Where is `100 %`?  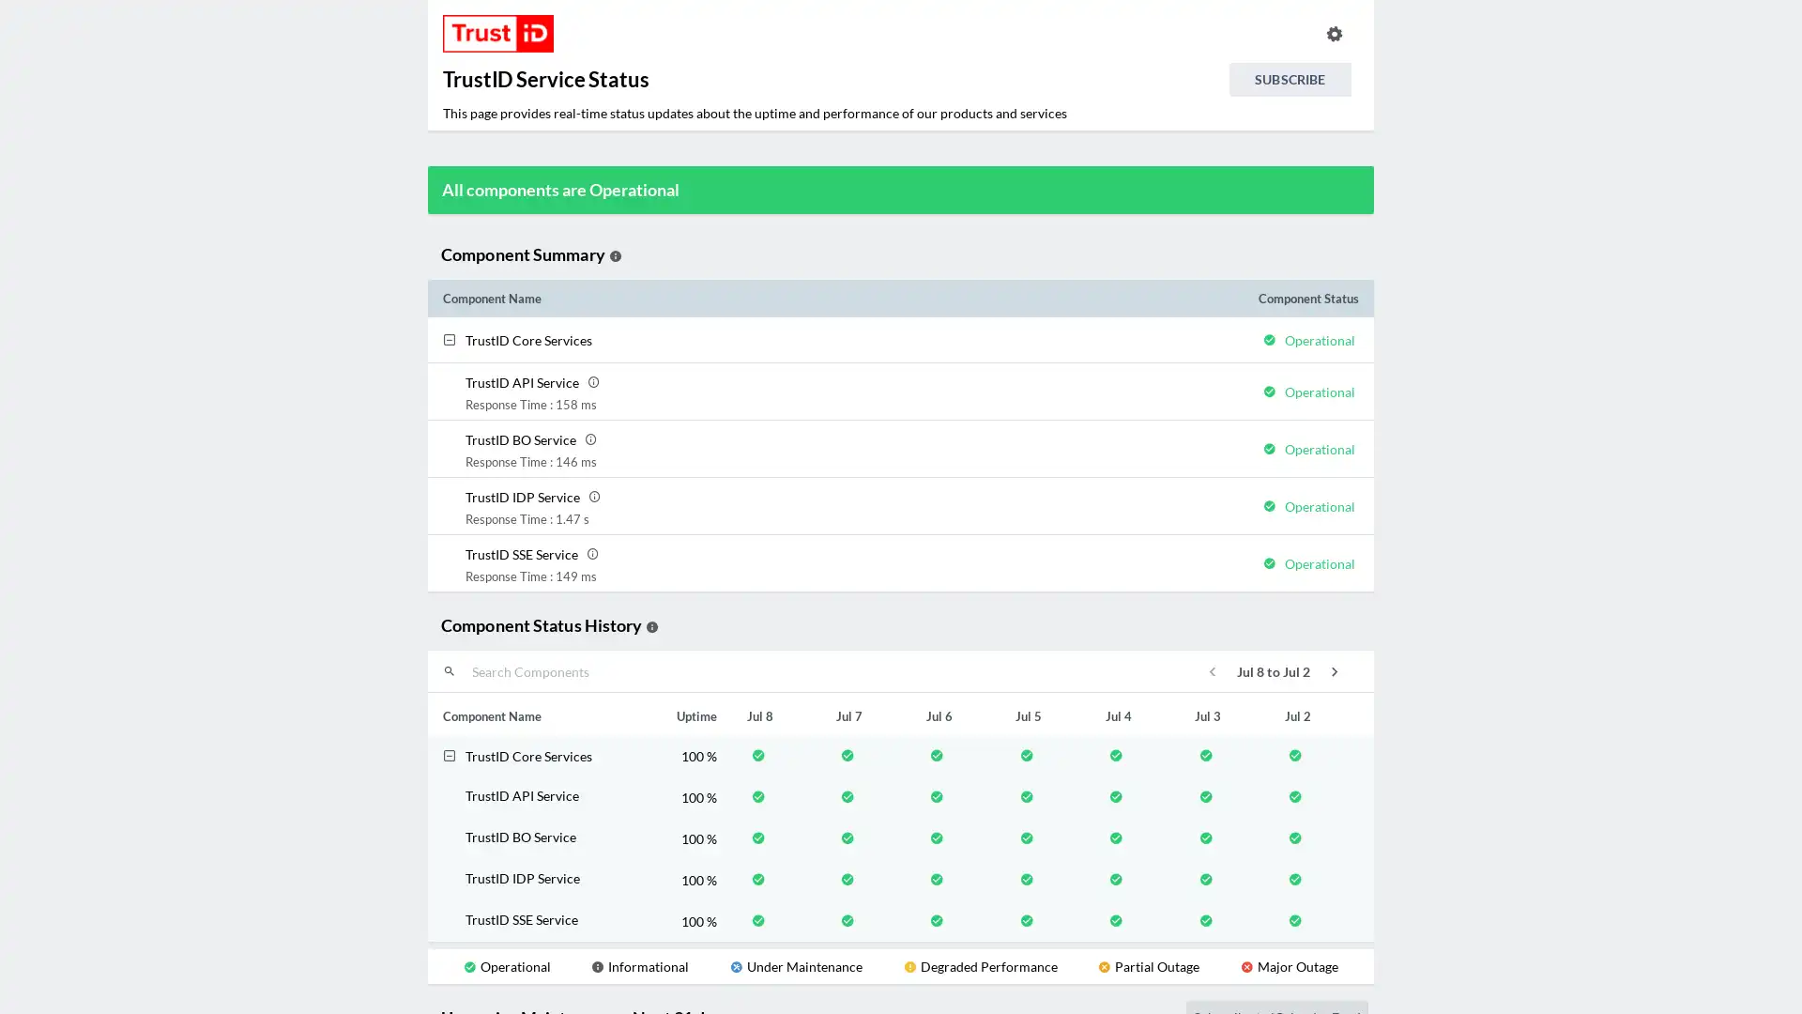 100 % is located at coordinates (697, 754).